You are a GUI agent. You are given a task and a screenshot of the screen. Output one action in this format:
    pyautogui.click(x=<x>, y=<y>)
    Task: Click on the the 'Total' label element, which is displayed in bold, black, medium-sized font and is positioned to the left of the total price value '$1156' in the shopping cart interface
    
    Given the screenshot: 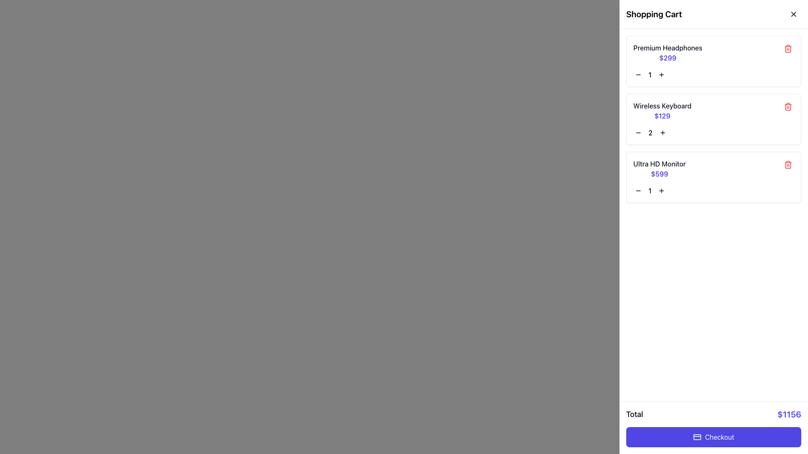 What is the action you would take?
    pyautogui.click(x=634, y=414)
    